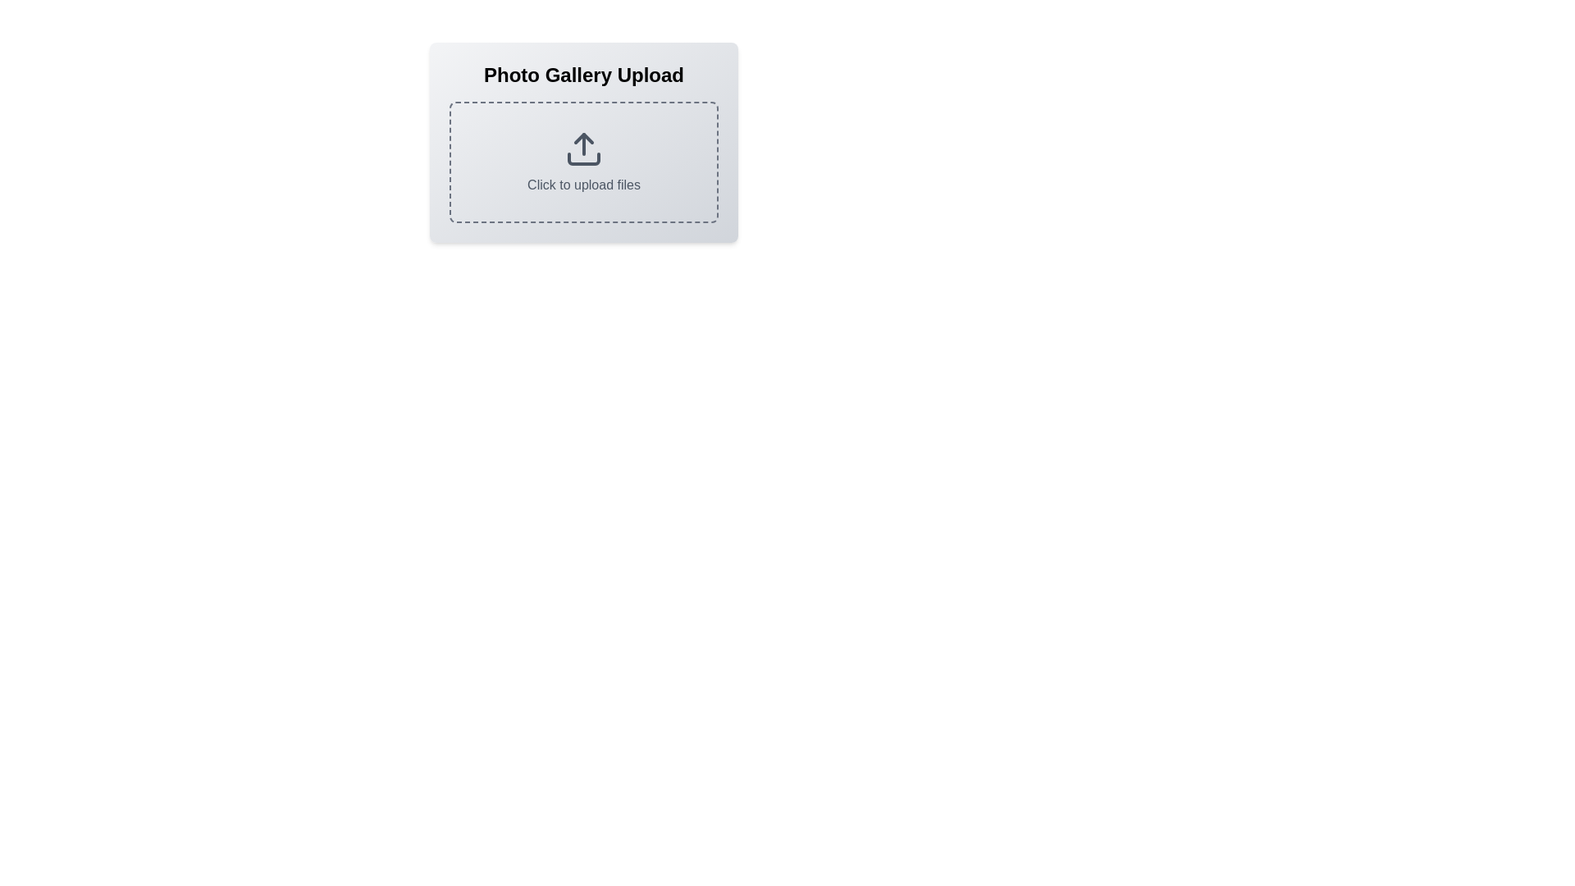 The image size is (1575, 886). I want to click on the File upload area, so click(583, 141).